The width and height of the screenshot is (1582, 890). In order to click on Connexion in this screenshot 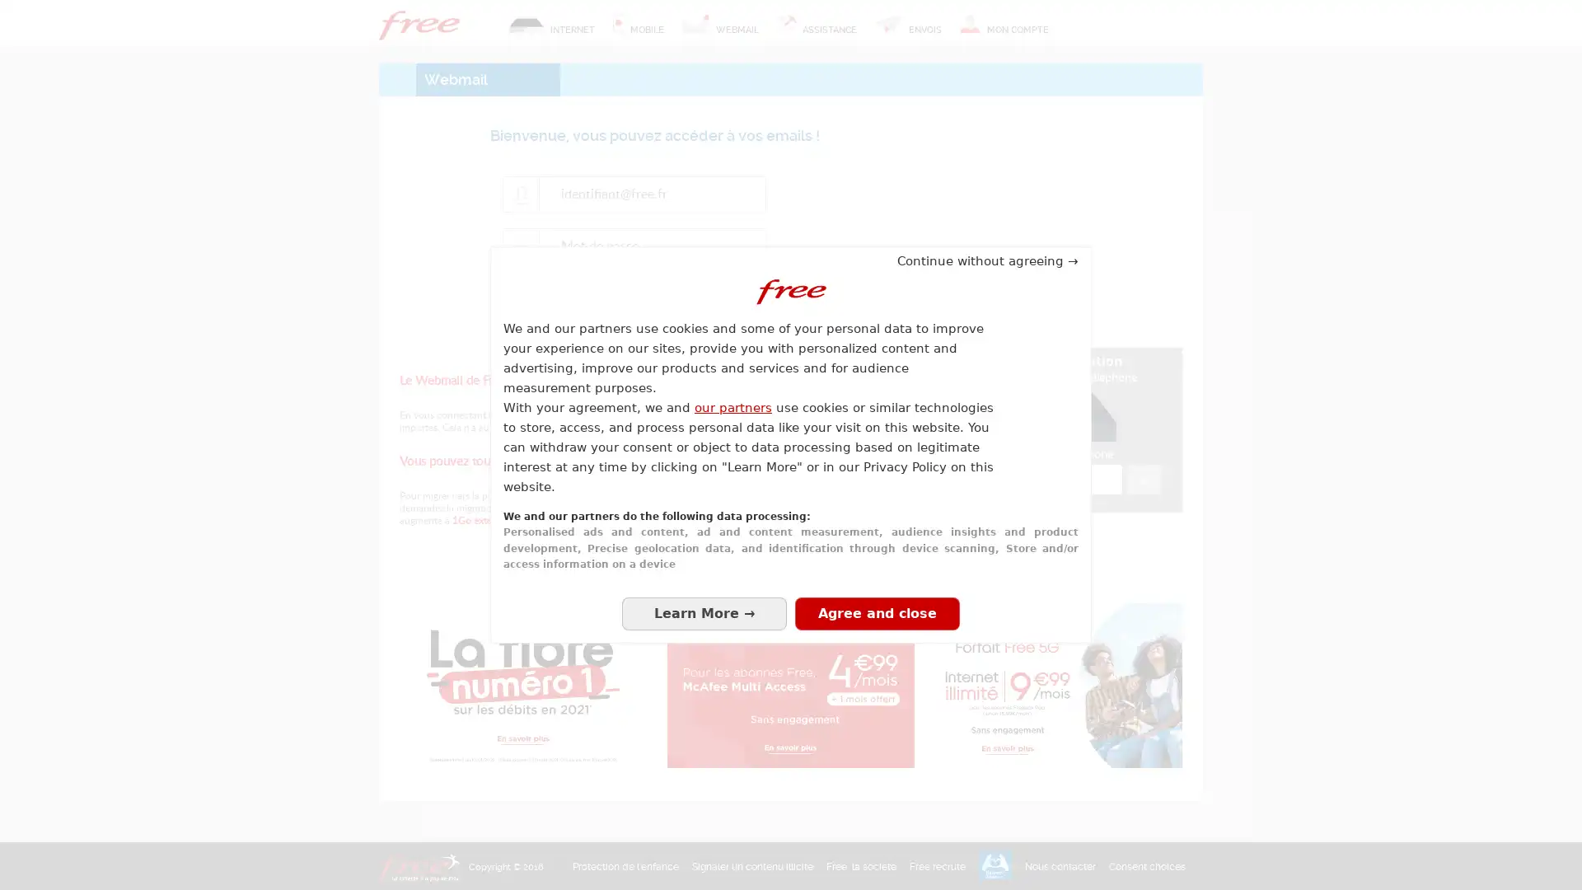, I will do `click(654, 301)`.